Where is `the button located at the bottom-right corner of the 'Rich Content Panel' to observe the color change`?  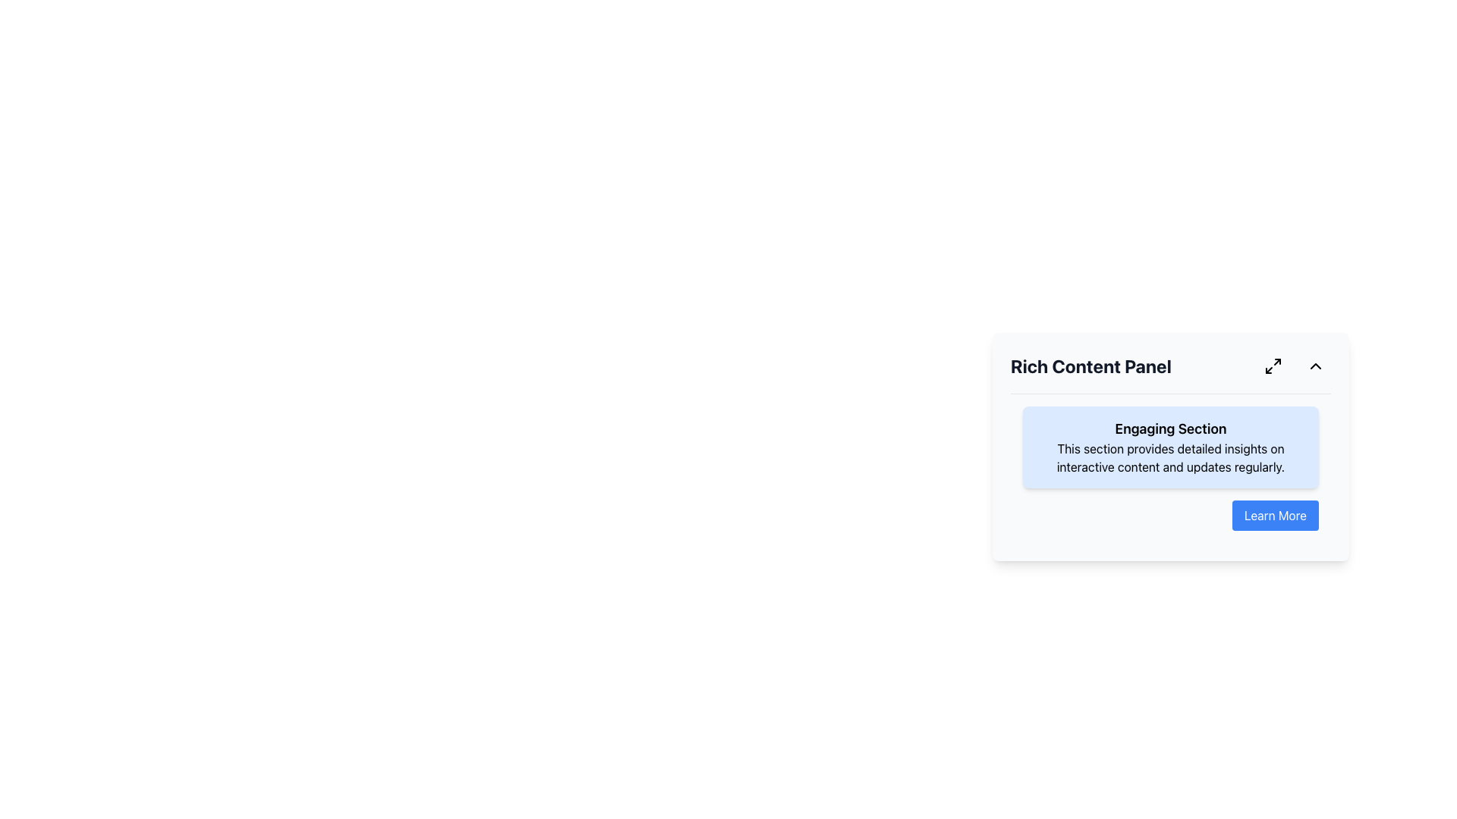
the button located at the bottom-right corner of the 'Rich Content Panel' to observe the color change is located at coordinates (1275, 514).